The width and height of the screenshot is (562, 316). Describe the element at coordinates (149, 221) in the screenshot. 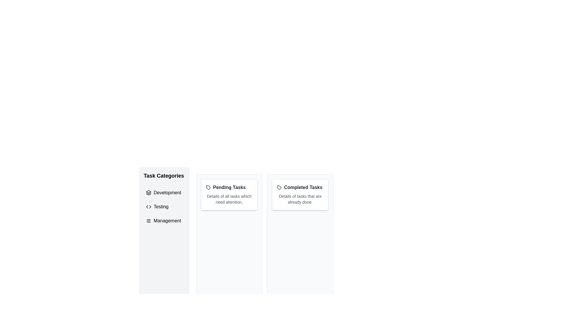

I see `the 'Management' icon located to the left of the text 'Management' in the vertical list under the 'Task Categories' title` at that location.